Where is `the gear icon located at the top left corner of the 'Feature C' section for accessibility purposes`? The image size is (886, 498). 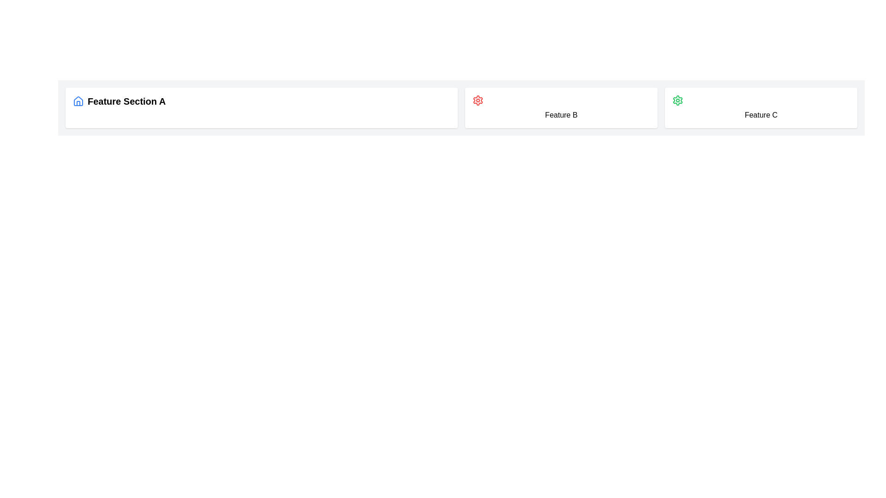 the gear icon located at the top left corner of the 'Feature C' section for accessibility purposes is located at coordinates (677, 101).